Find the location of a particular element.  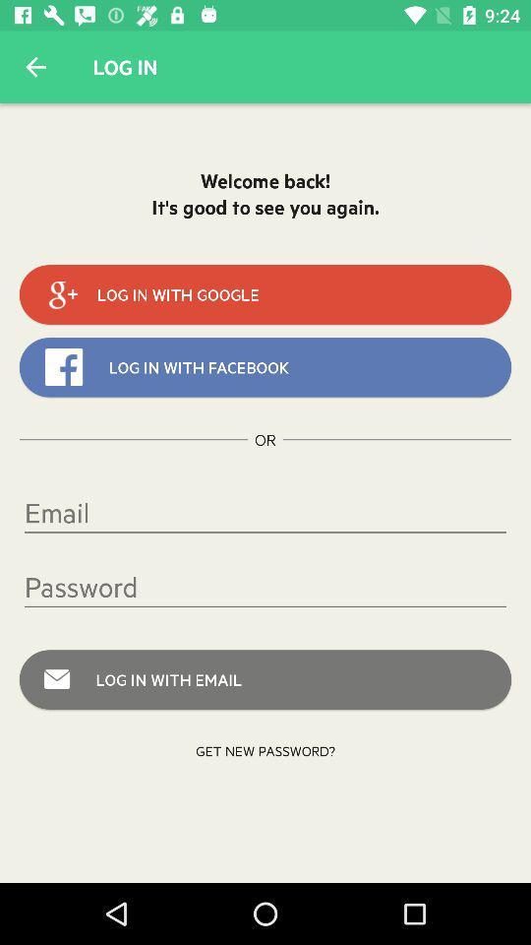

icon below the log in with icon is located at coordinates (265, 749).